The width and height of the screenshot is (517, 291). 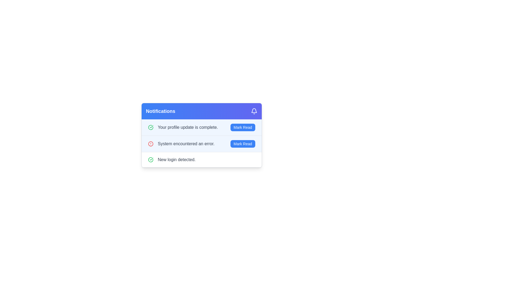 I want to click on the bell icon in the top-right corner of the header section labeled 'Notifications', so click(x=254, y=111).